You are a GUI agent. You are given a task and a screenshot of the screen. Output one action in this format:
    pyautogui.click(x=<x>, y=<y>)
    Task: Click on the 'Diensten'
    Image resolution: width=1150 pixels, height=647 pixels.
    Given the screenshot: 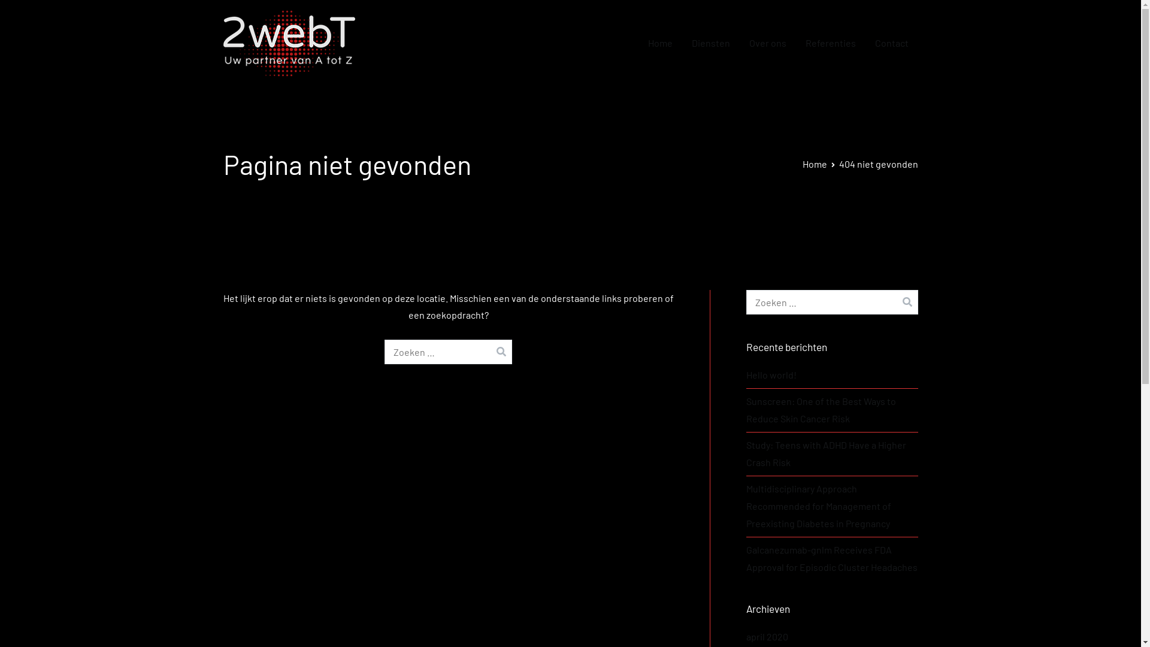 What is the action you would take?
    pyautogui.click(x=710, y=43)
    